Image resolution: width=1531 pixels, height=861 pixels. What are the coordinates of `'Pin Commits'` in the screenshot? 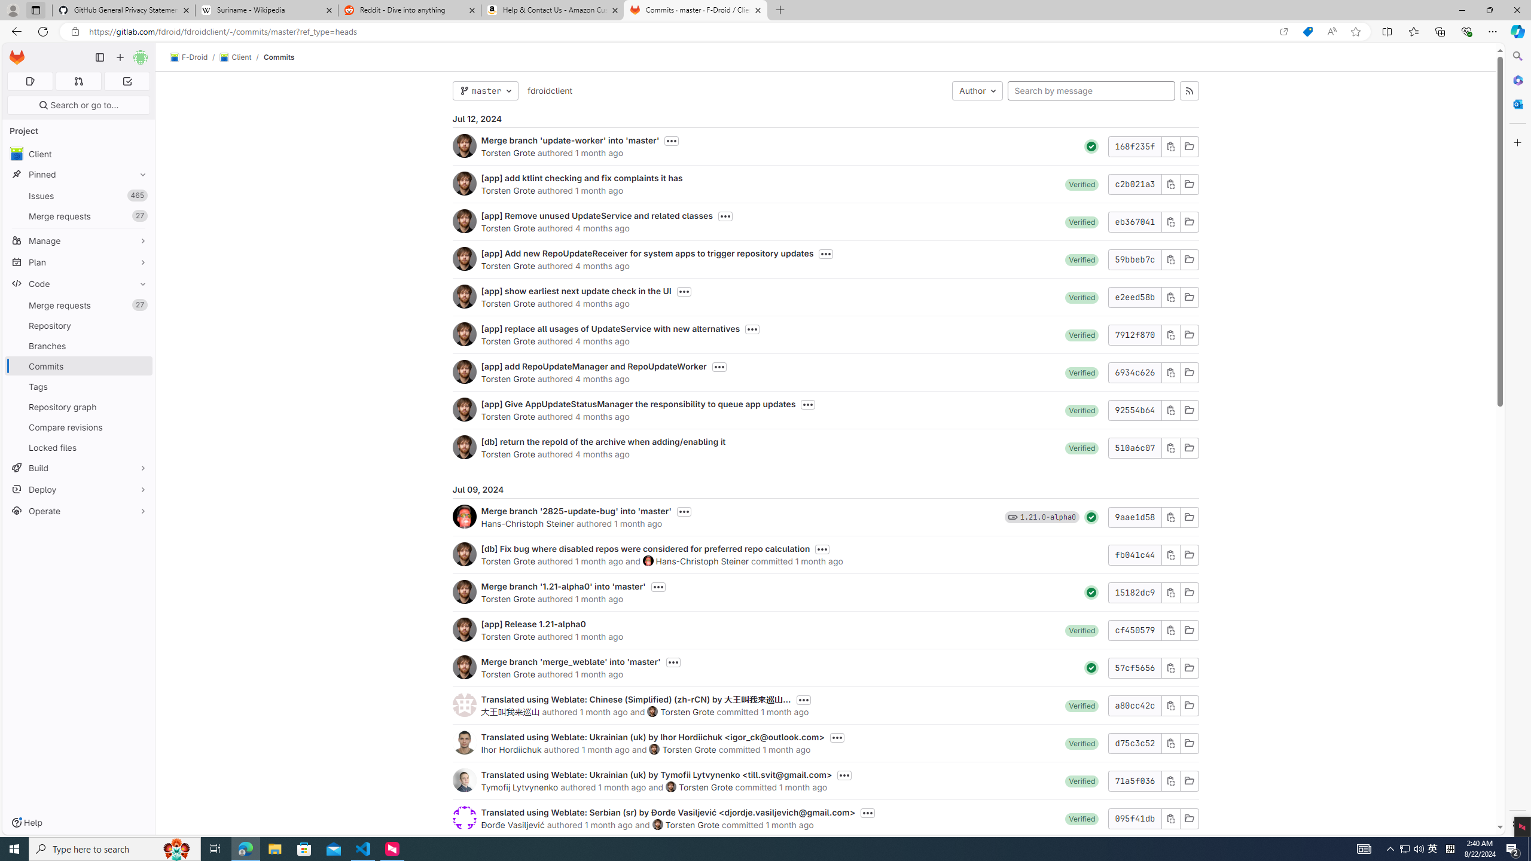 It's located at (139, 366).